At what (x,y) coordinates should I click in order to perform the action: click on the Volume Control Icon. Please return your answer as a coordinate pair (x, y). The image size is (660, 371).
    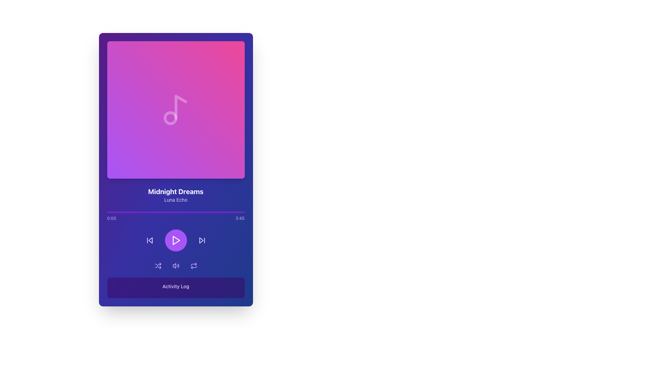
    Looking at the image, I should click on (174, 266).